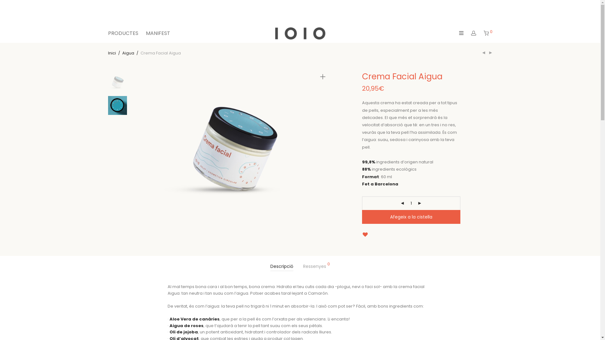  Describe the element at coordinates (123, 33) in the screenshot. I see `'PRODUCTES'` at that location.